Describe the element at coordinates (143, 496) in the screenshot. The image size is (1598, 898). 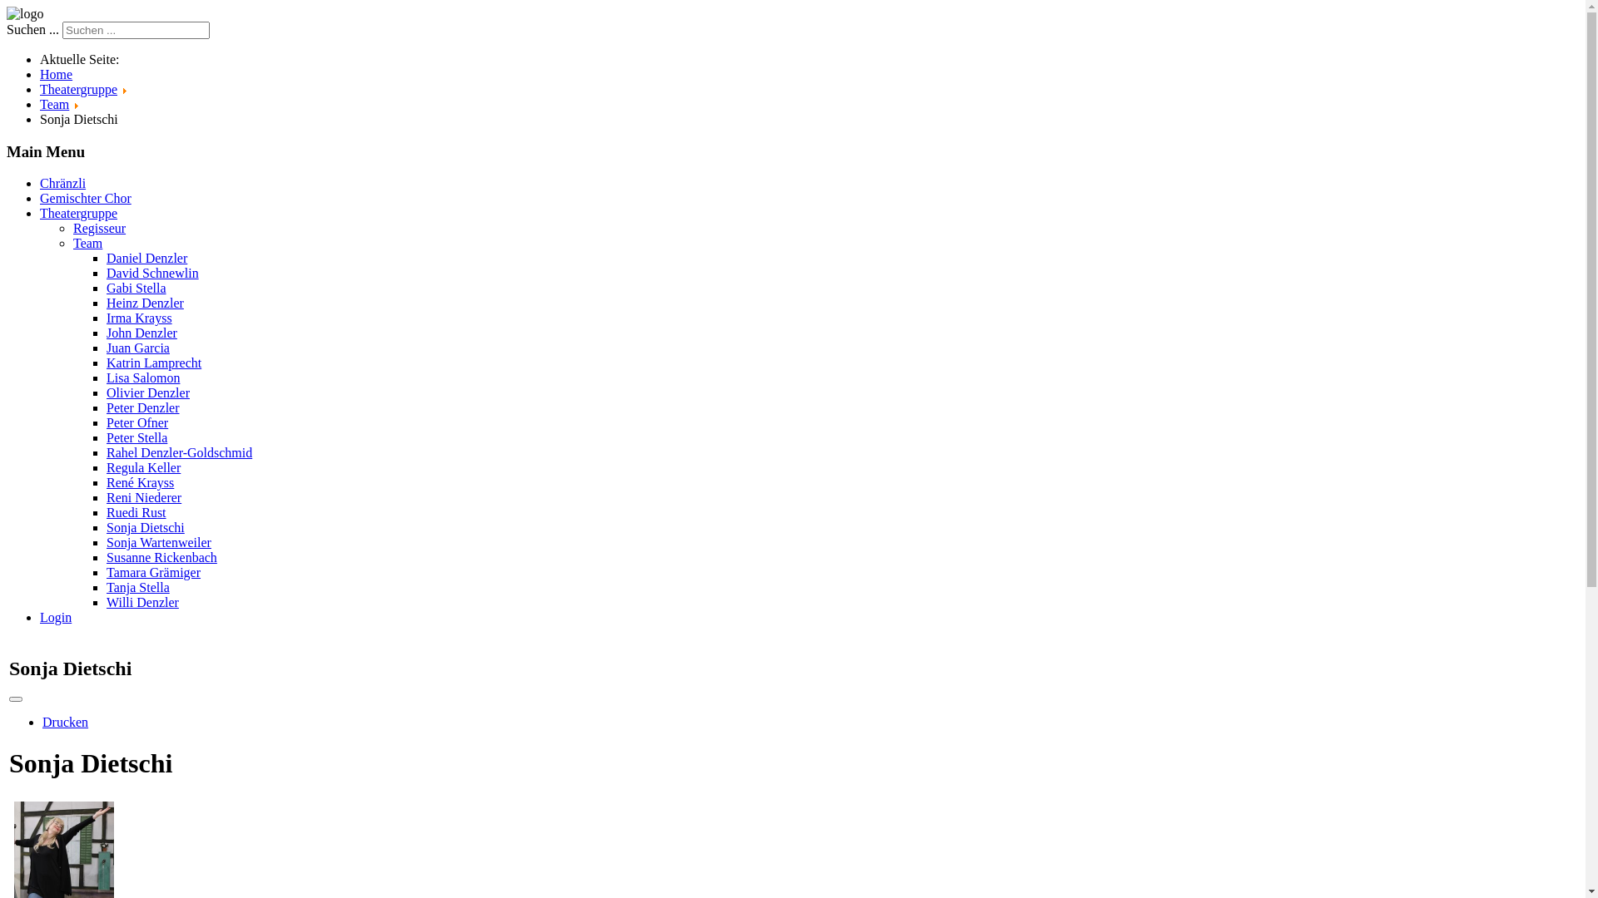
I see `'Reni Niederer'` at that location.